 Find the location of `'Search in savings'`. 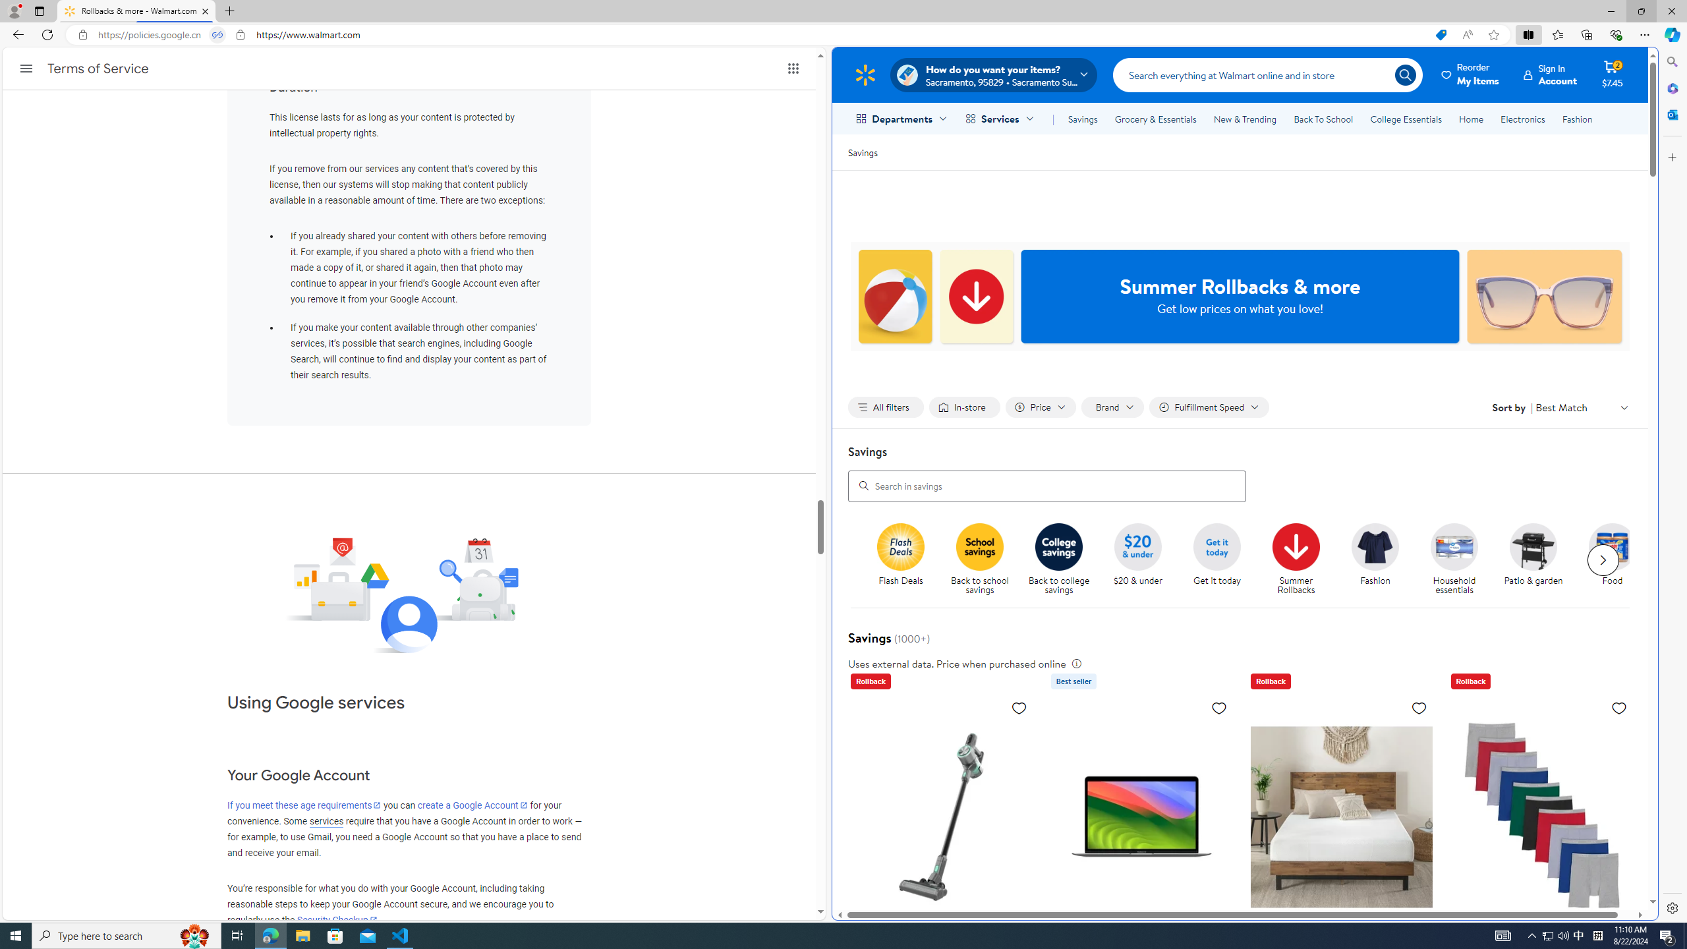

'Search in savings' is located at coordinates (1047, 485).